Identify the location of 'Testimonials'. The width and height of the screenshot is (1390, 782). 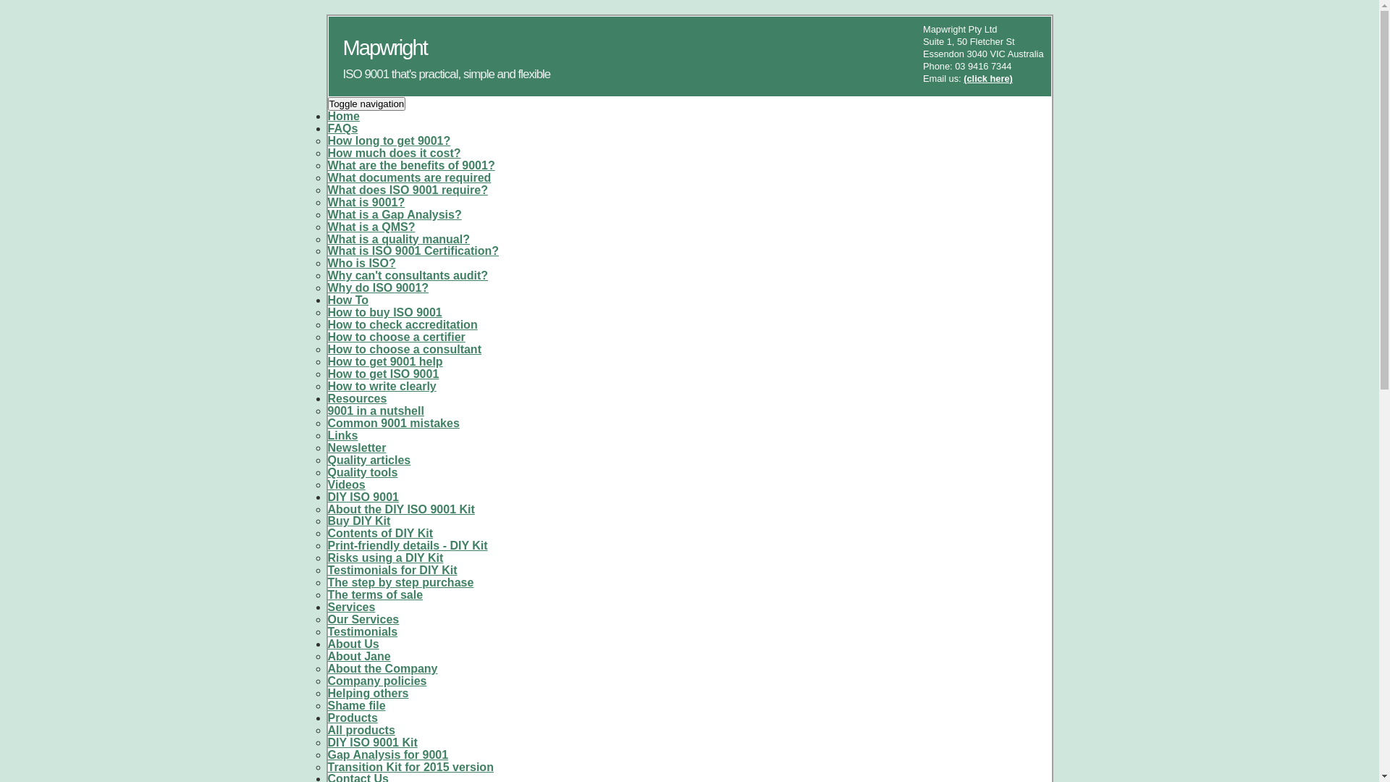
(362, 631).